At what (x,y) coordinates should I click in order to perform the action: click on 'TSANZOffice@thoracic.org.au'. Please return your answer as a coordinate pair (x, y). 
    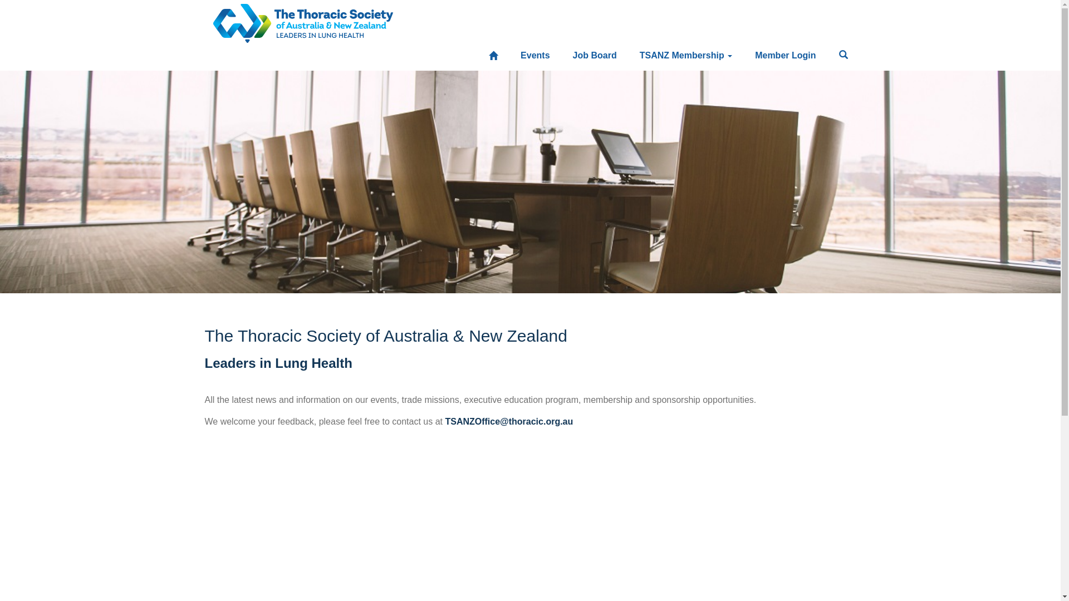
    Looking at the image, I should click on (508, 421).